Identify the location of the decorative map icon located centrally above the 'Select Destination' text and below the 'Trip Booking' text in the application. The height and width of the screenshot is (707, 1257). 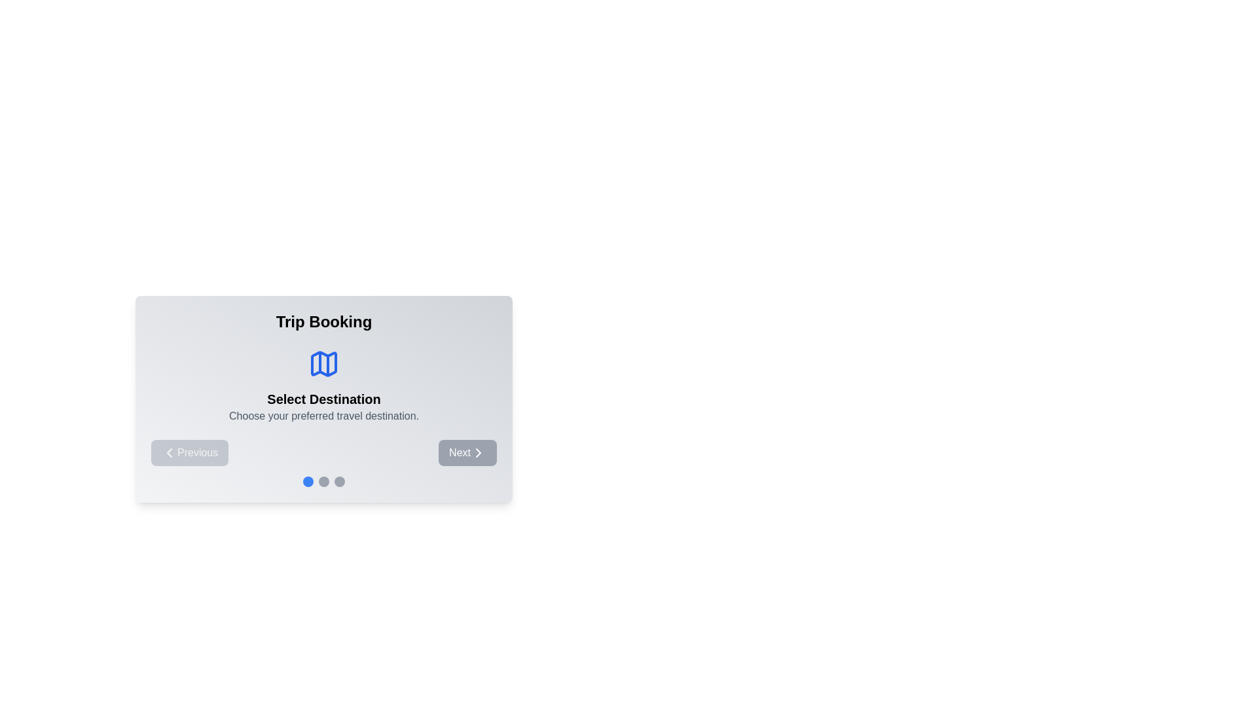
(323, 363).